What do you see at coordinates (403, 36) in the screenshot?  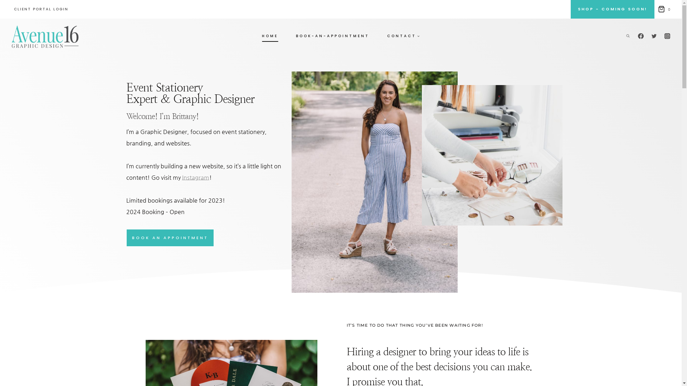 I see `'CONTACT'` at bounding box center [403, 36].